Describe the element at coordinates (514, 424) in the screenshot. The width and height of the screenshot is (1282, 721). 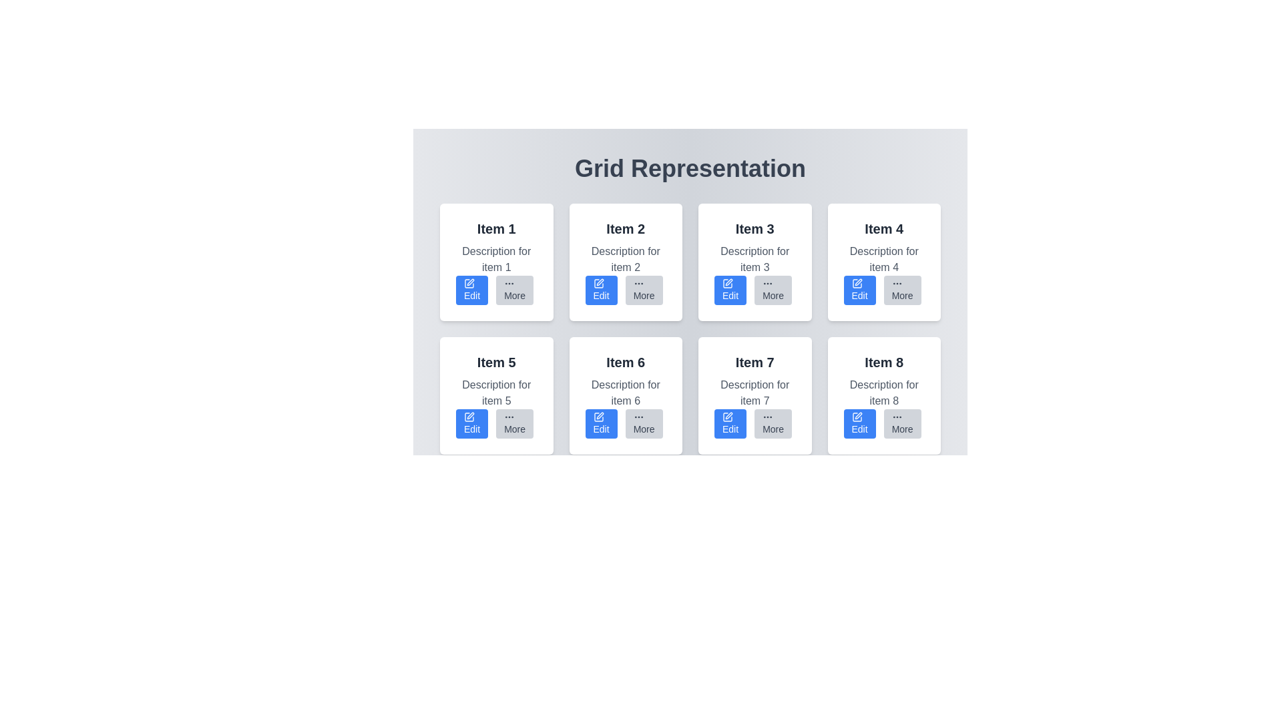
I see `the button located in the lower section of the card labeled 'Item 5', to the right of the 'Edit' button` at that location.